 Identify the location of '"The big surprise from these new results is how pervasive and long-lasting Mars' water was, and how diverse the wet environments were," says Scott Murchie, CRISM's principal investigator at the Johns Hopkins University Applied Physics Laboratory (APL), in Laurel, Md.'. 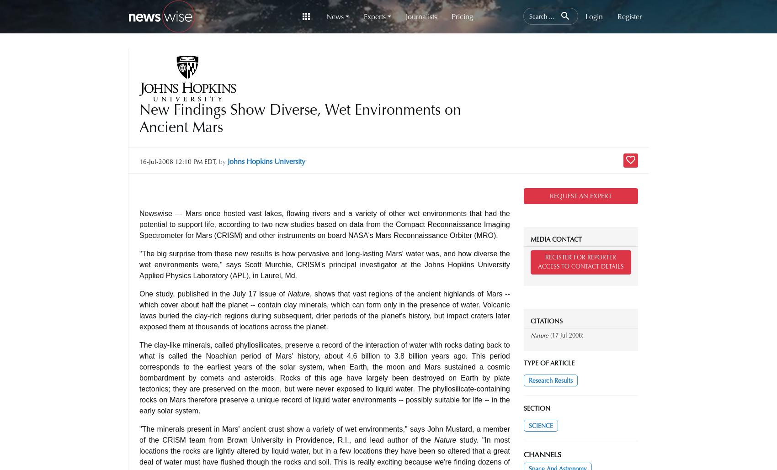
(139, 264).